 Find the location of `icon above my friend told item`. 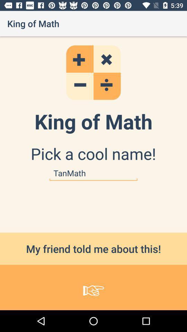

icon above my friend told item is located at coordinates (93, 173).